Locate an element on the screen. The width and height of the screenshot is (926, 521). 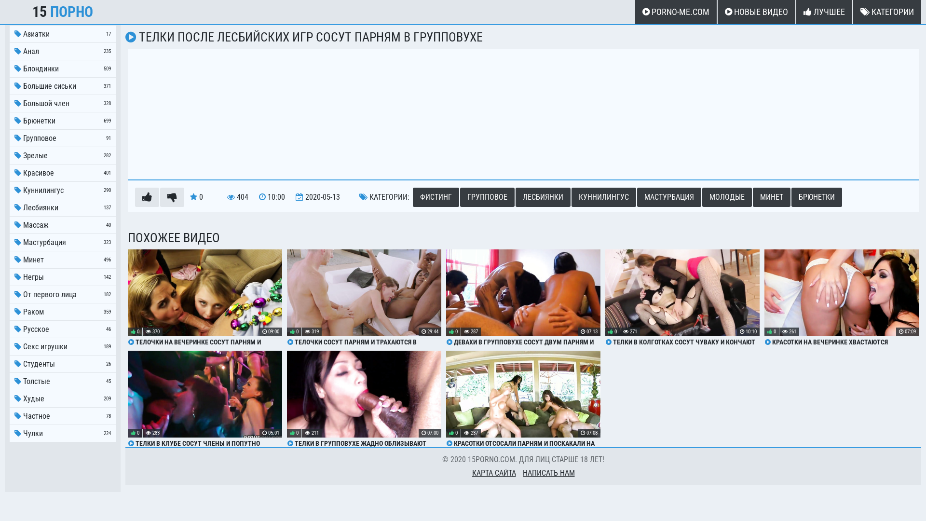
'Dislike' is located at coordinates (172, 196).